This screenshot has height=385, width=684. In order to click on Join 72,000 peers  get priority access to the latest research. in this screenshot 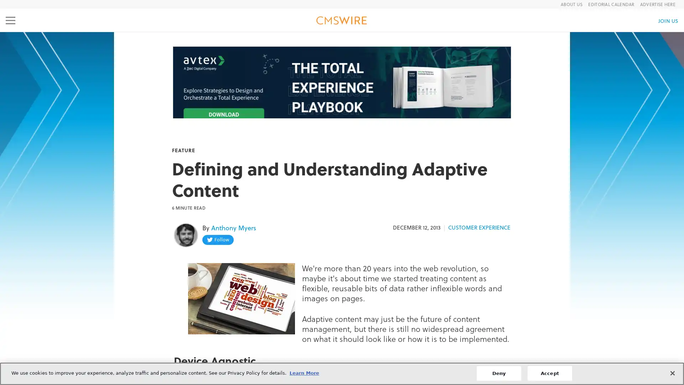, I will do `click(341, 174)`.